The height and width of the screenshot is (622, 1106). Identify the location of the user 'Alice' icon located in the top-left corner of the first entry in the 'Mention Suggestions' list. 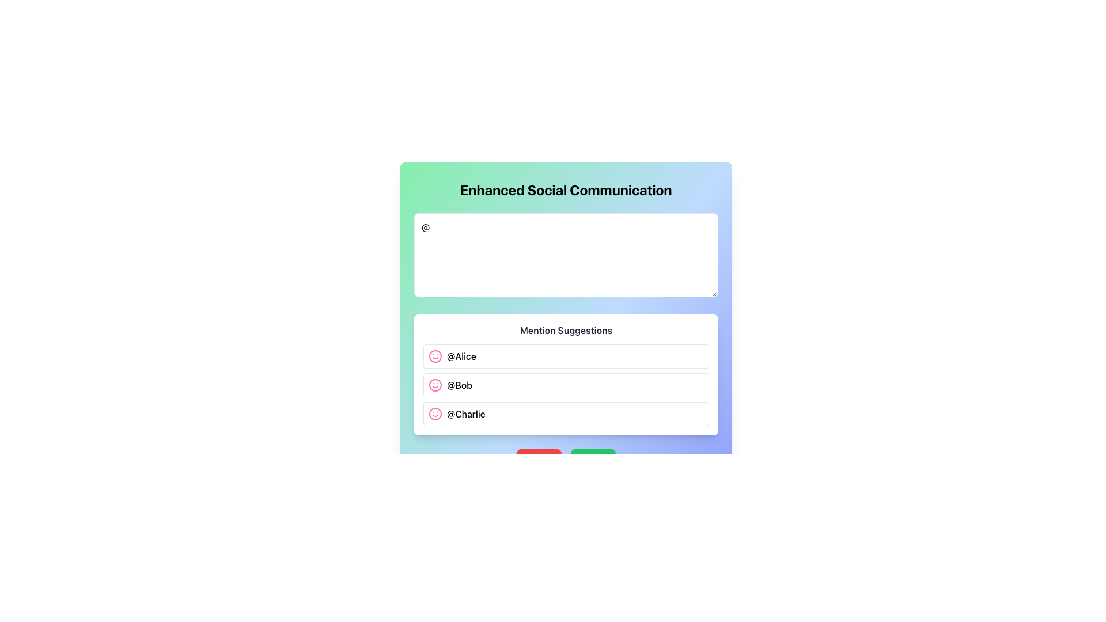
(434, 355).